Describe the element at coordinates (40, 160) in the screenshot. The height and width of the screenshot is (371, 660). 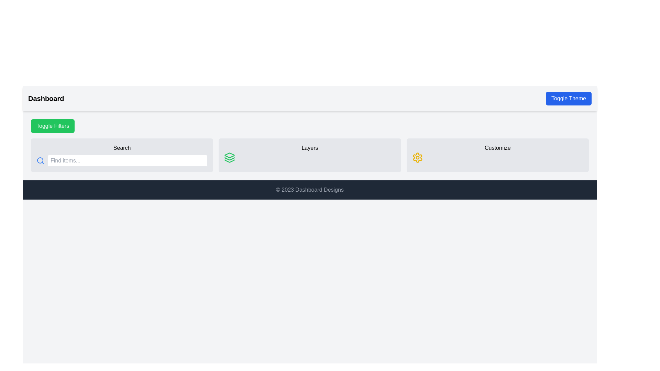
I see `the circular component of the magnifier icon located near the top left of the interface, adjacent to the 'Find items...' input field` at that location.